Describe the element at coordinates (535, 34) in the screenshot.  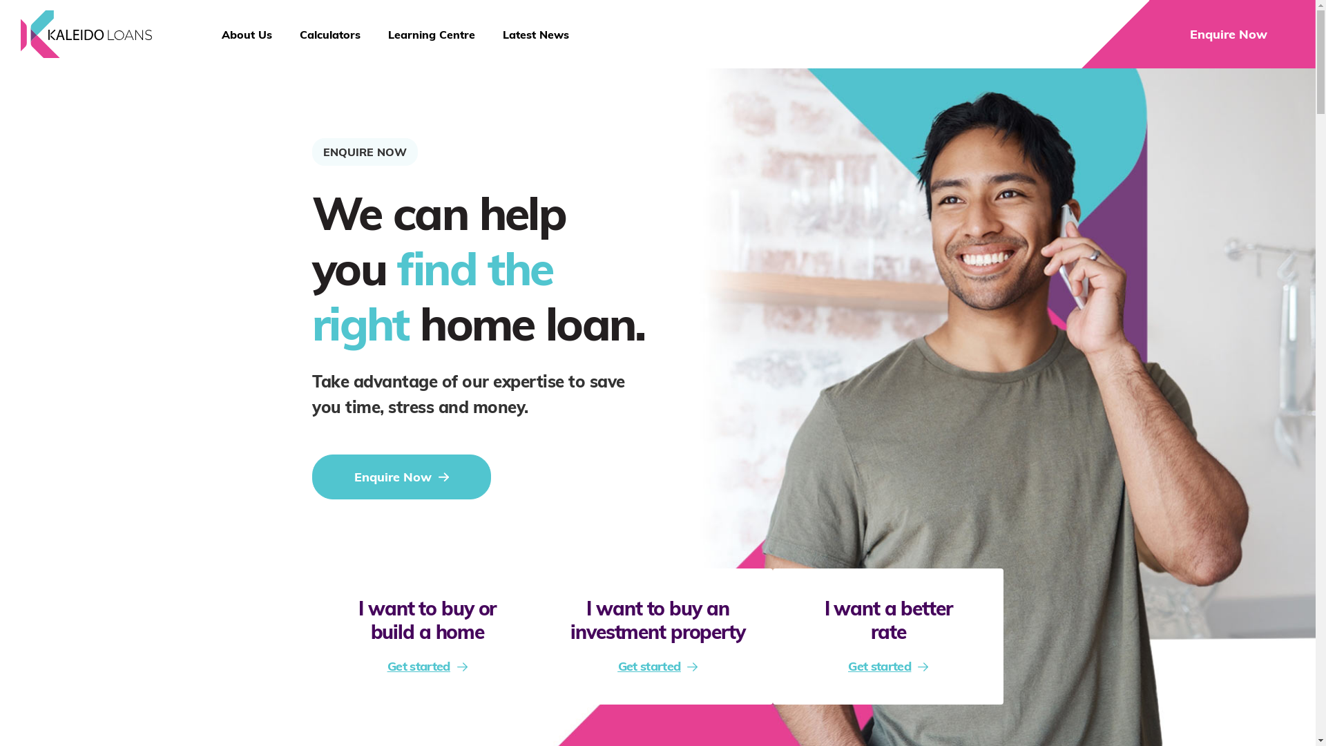
I see `'Latest News'` at that location.